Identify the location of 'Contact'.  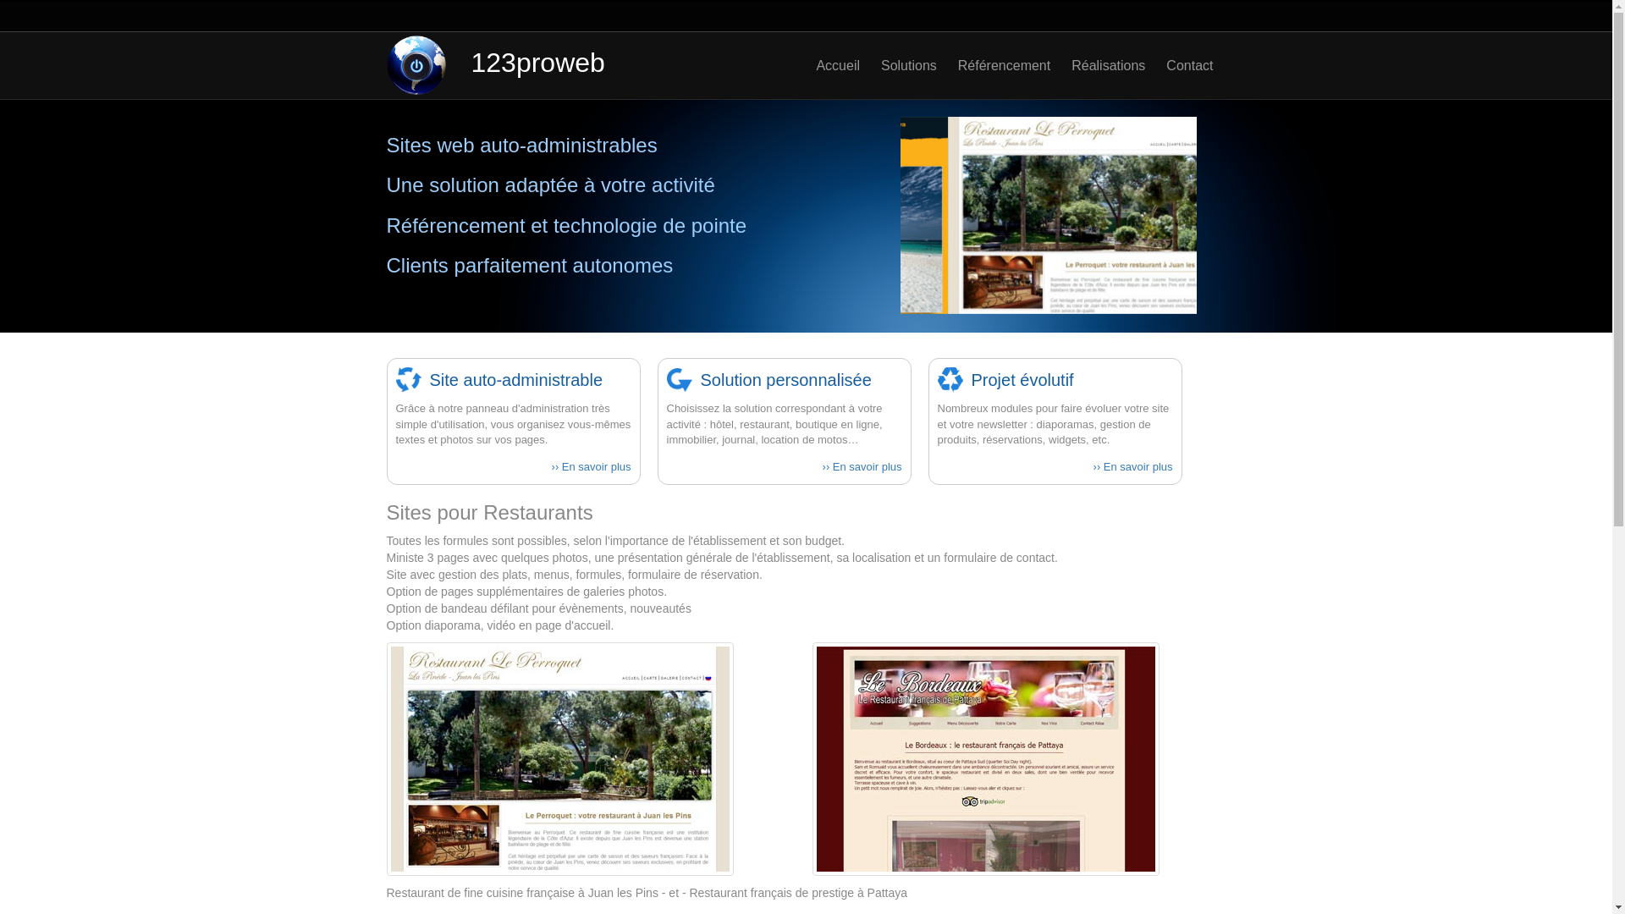
(1177, 64).